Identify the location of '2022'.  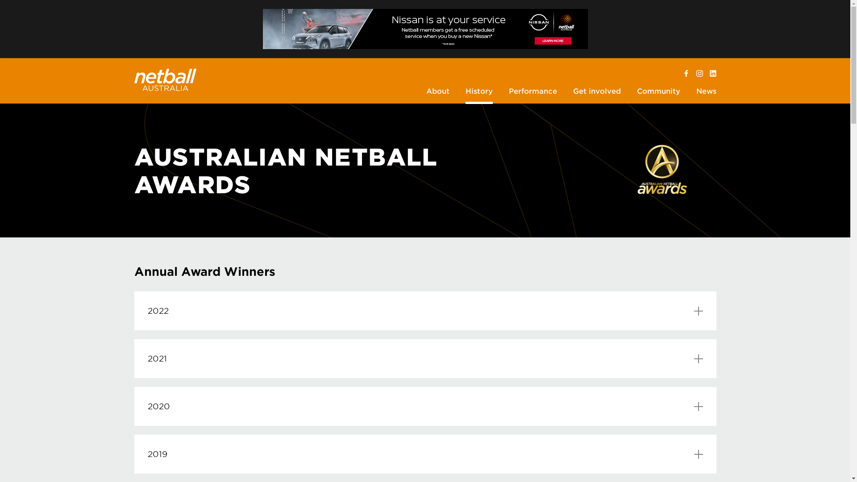
(133, 310).